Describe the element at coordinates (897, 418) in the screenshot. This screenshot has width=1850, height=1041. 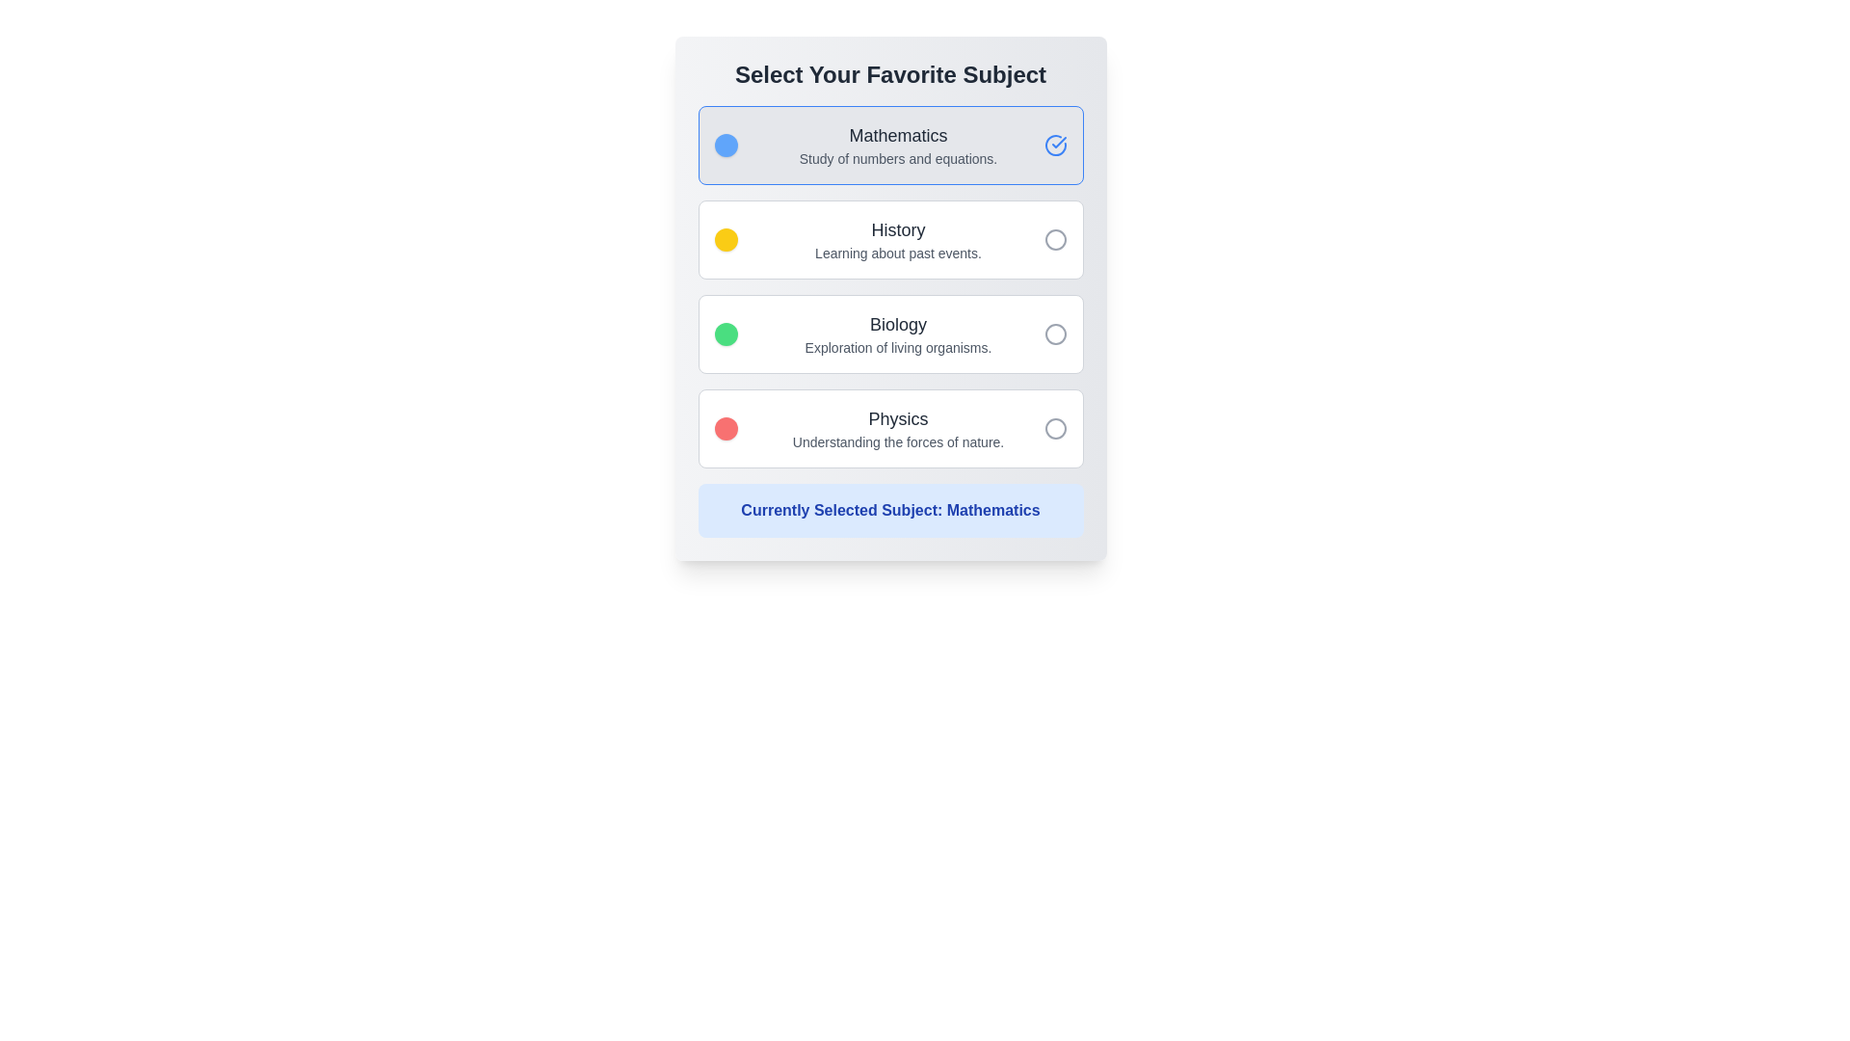
I see `the 'Physics' title text label, which is located in the third option of the subjects list, positioned above 'Understanding the forces of nature.'` at that location.